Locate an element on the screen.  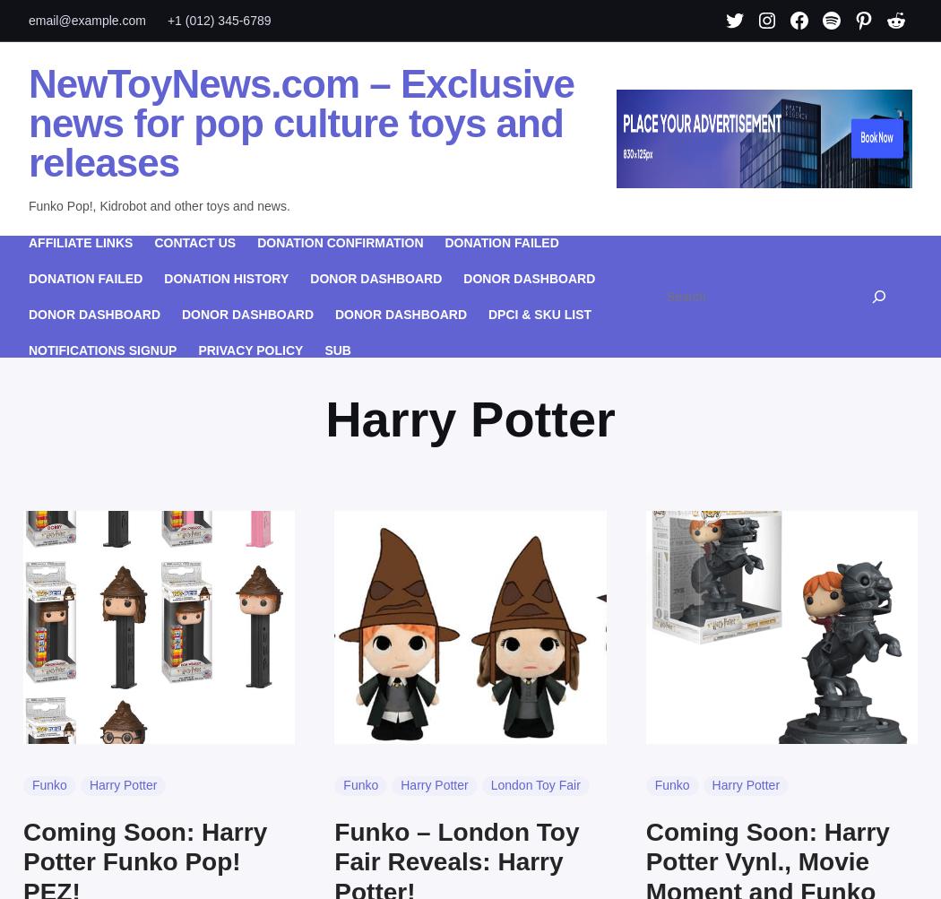
'Funko Pop!, Kidrobot and other toys and news.' is located at coordinates (29, 204).